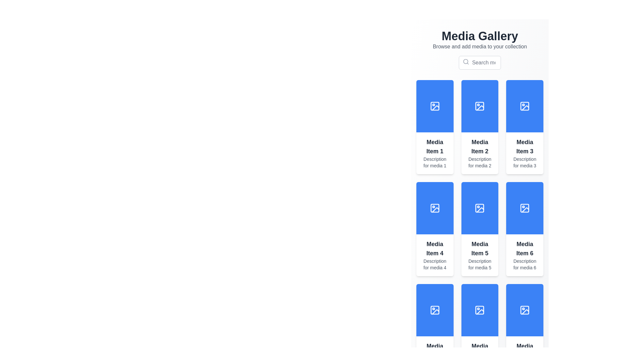 Image resolution: width=627 pixels, height=353 pixels. I want to click on the central rectangle of the SVG graphic icon representing an image in the top-left card of the media gallery grid, if interactive, so click(435, 106).